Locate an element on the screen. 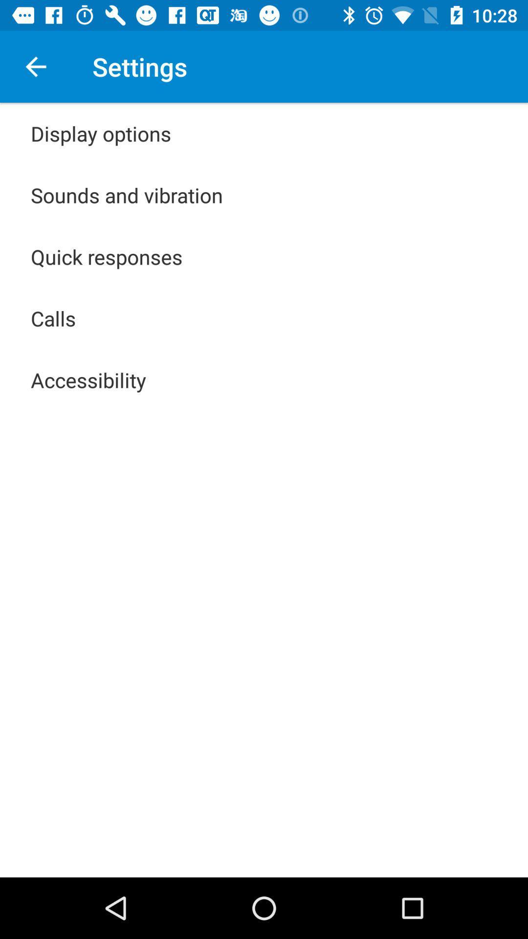  icon above calls app is located at coordinates (107, 256).